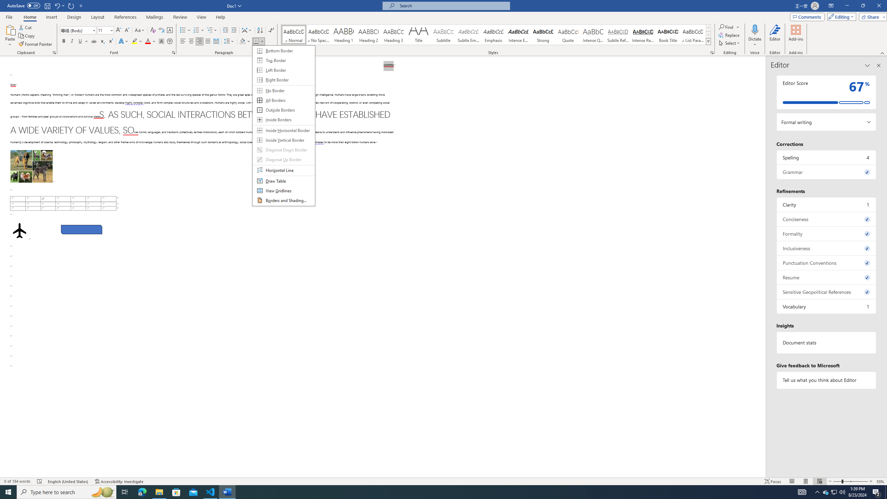  I want to click on 'Numbering', so click(196, 30).